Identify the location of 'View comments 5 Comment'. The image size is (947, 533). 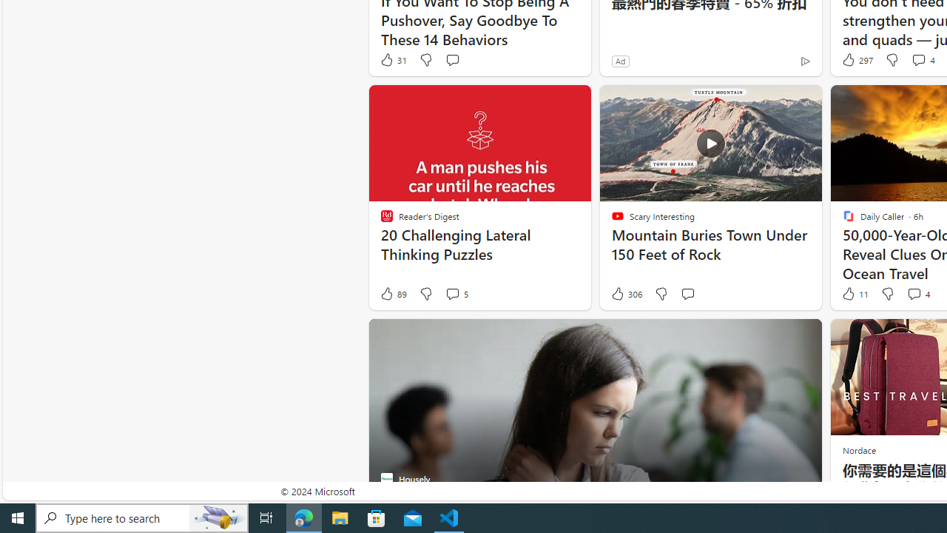
(451, 294).